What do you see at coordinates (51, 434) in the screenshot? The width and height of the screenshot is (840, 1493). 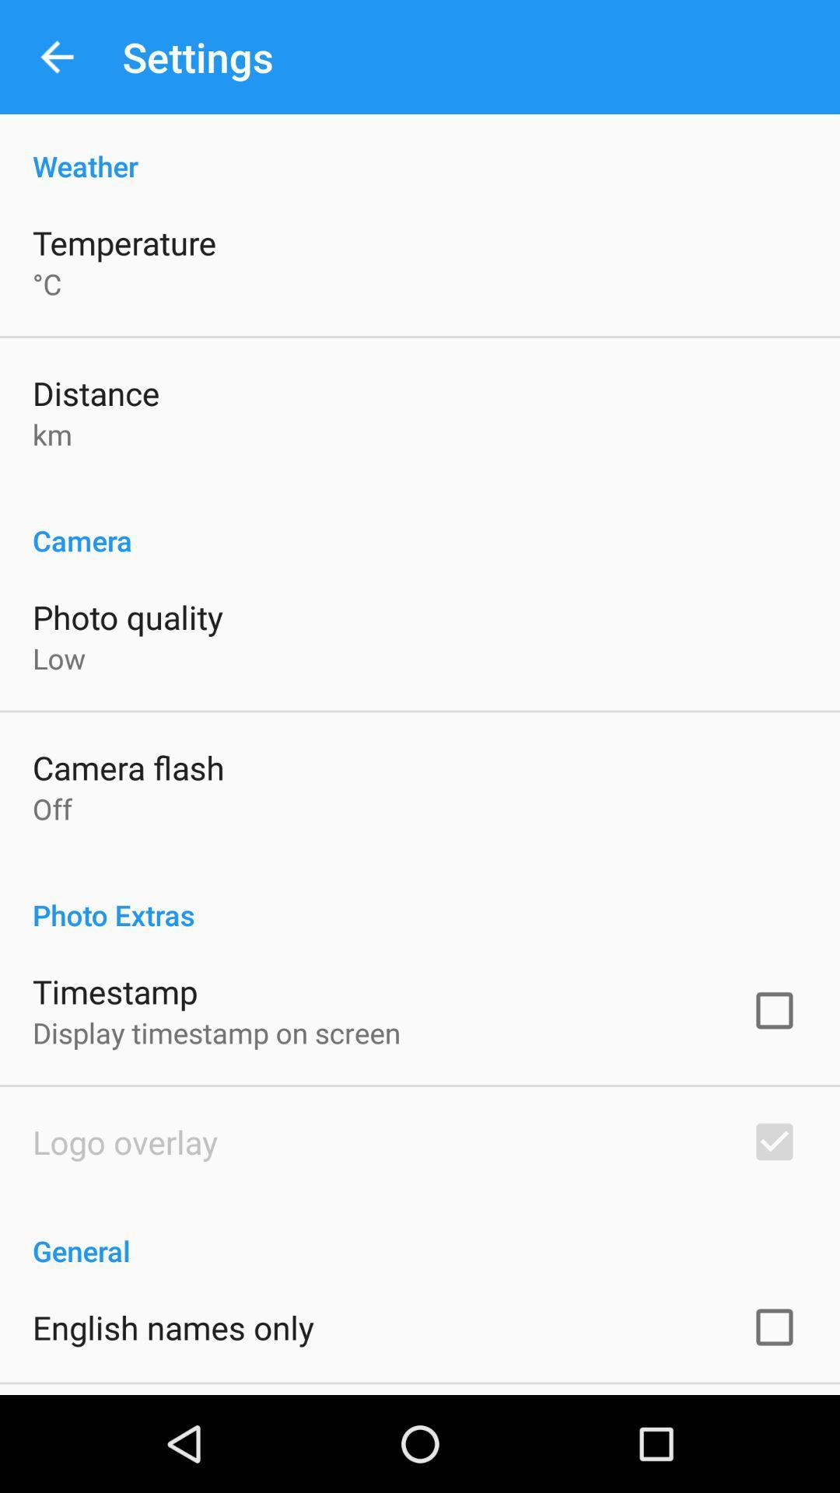 I see `the km app` at bounding box center [51, 434].